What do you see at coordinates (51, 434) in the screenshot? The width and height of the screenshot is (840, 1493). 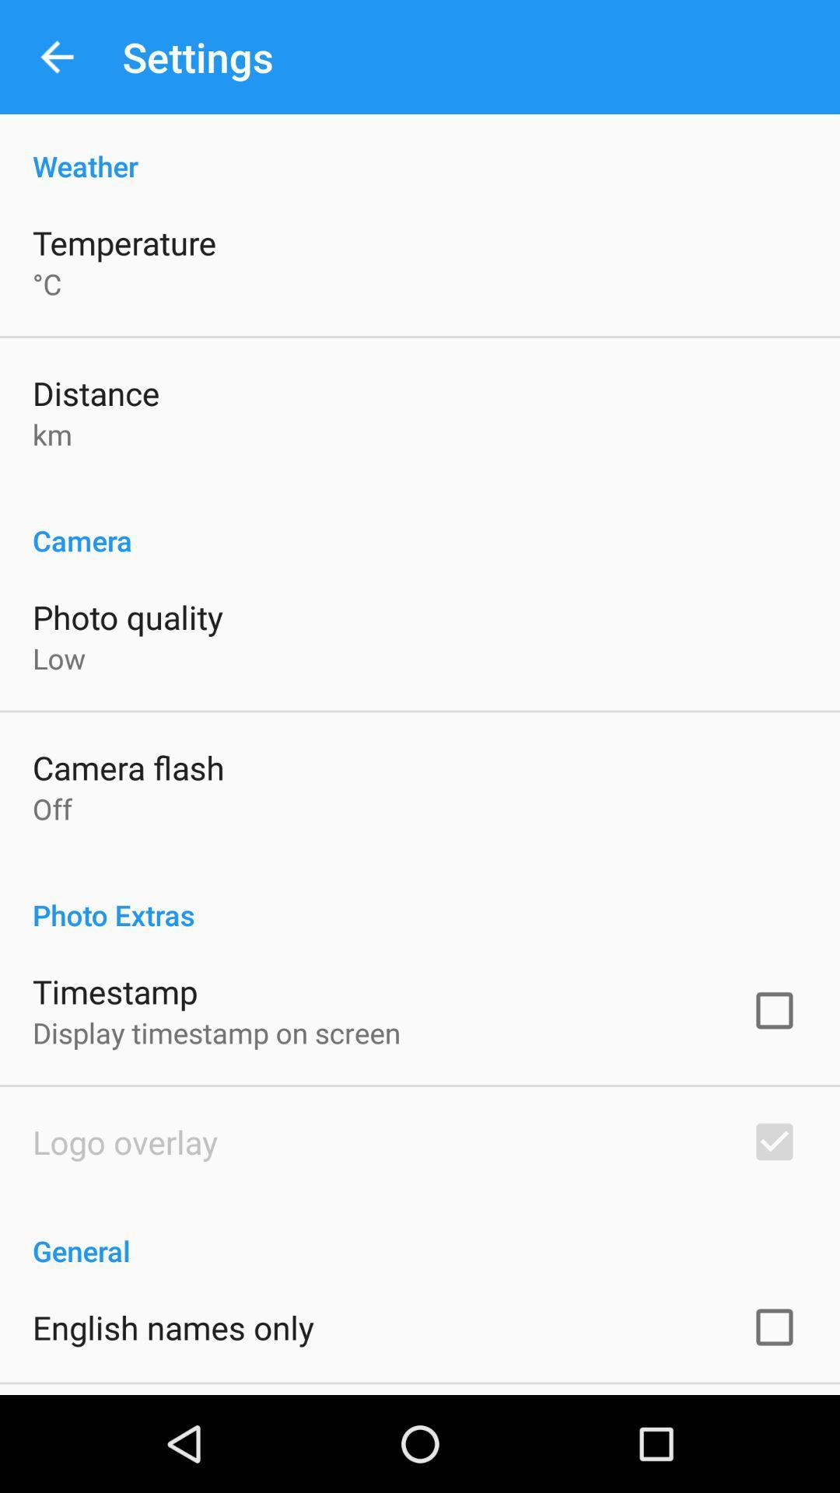 I see `the km app` at bounding box center [51, 434].